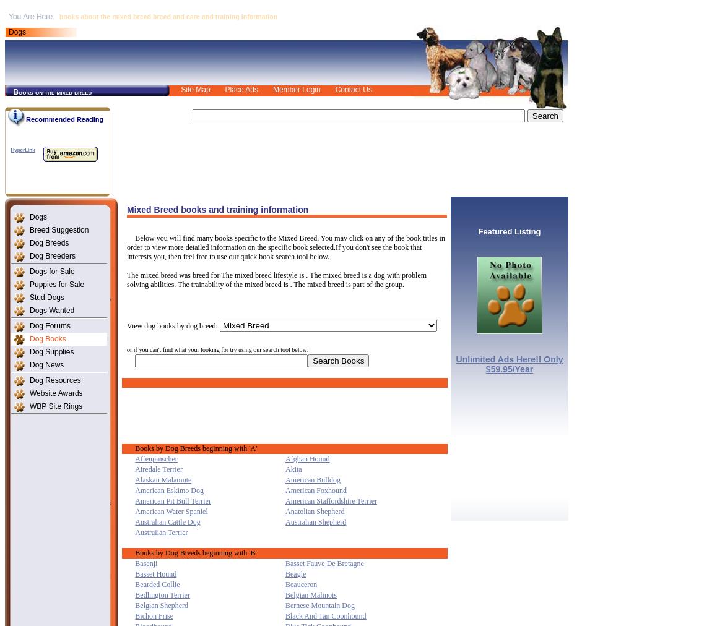 The width and height of the screenshot is (712, 626). Describe the element at coordinates (162, 478) in the screenshot. I see `'Alaskan Malamute'` at that location.